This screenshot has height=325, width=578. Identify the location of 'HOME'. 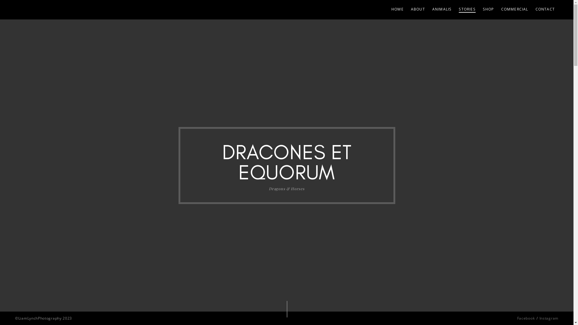
(397, 9).